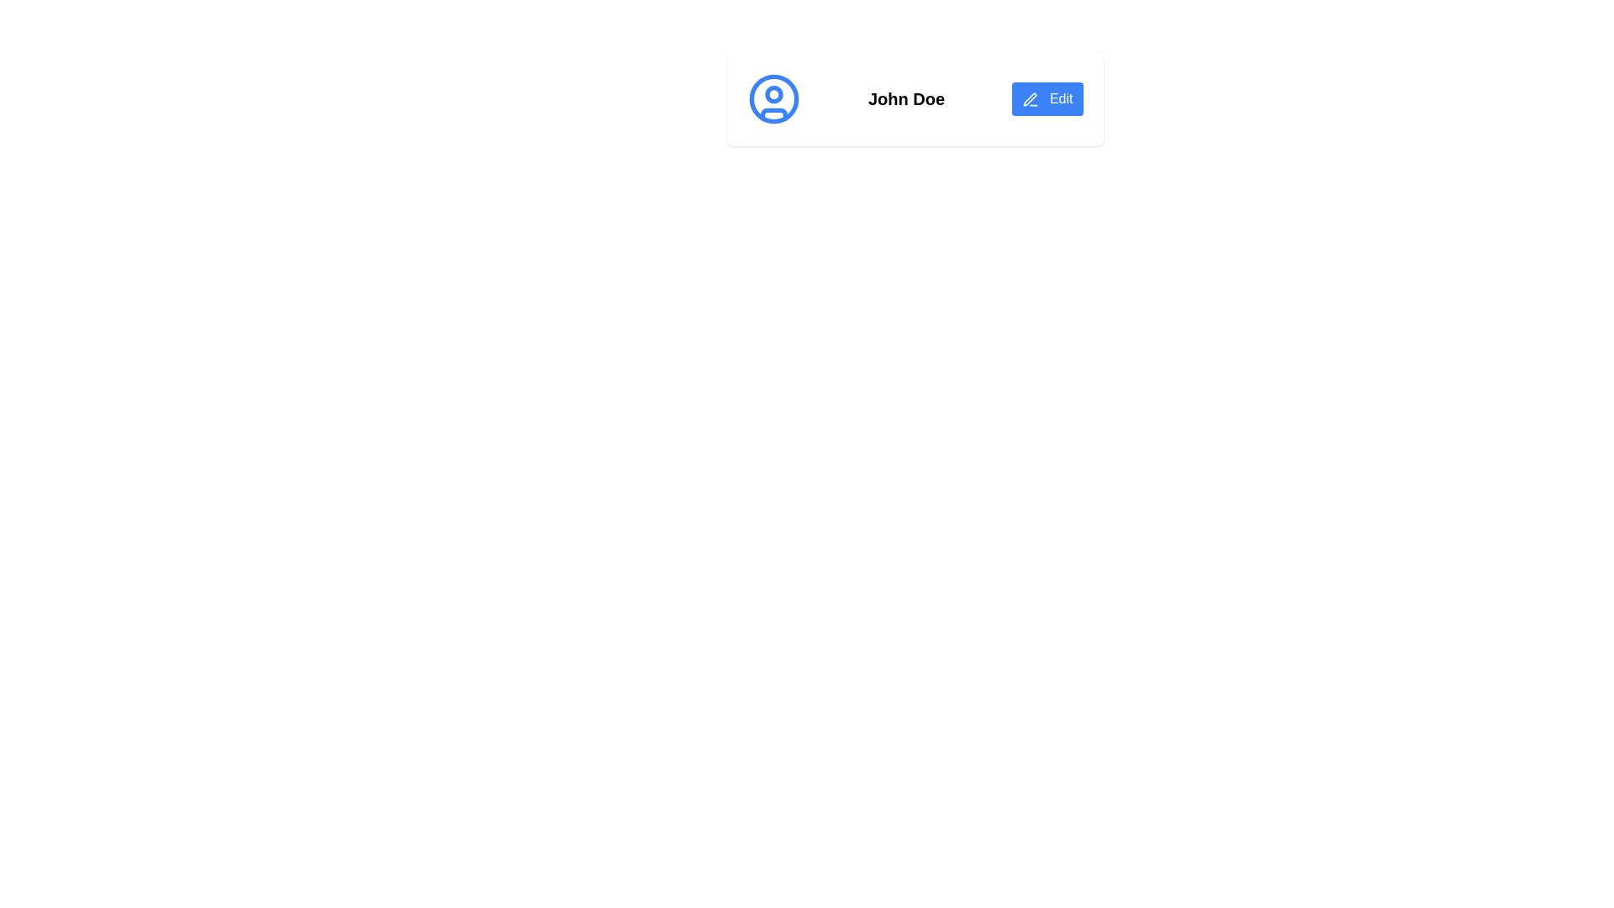 This screenshot has height=908, width=1614. I want to click on the blue 'Edit' button with a pen icon located to the right of the text 'John Doe', so click(1047, 99).